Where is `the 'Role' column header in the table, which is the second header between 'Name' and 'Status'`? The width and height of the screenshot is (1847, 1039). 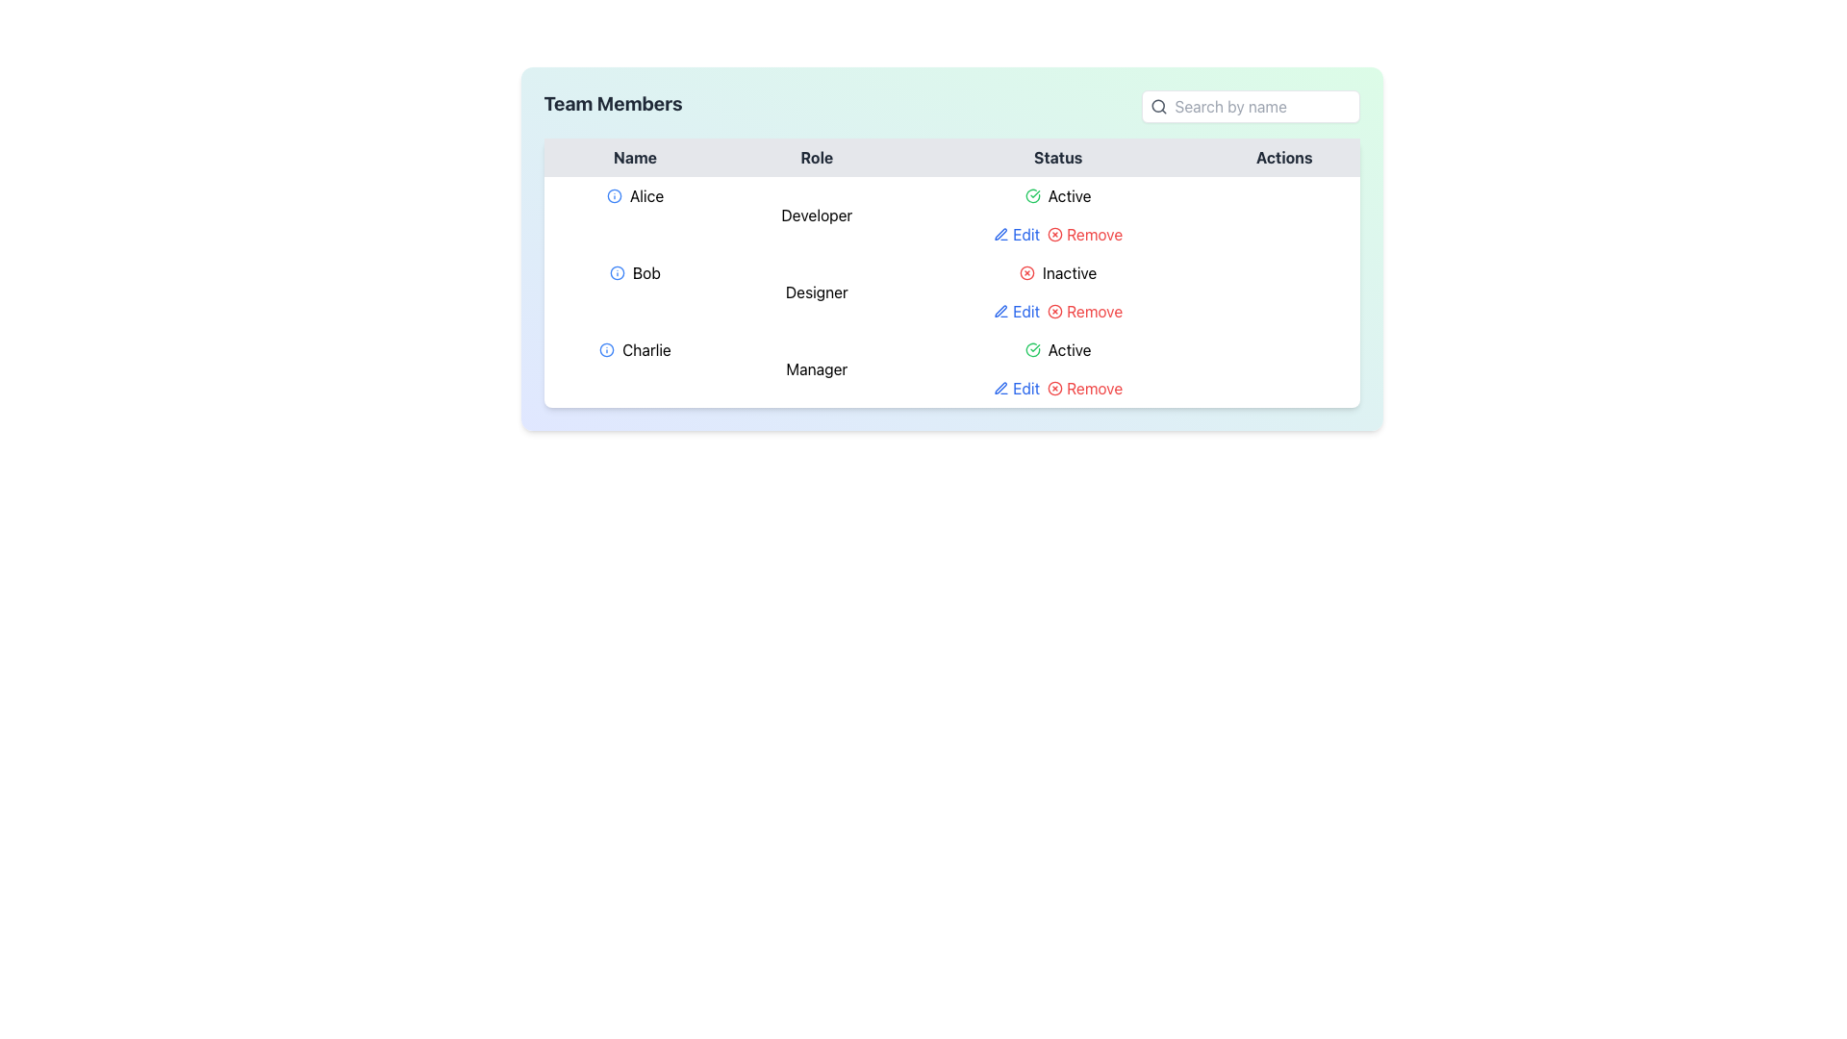
the 'Role' column header in the table, which is the second header between 'Name' and 'Status' is located at coordinates (817, 157).